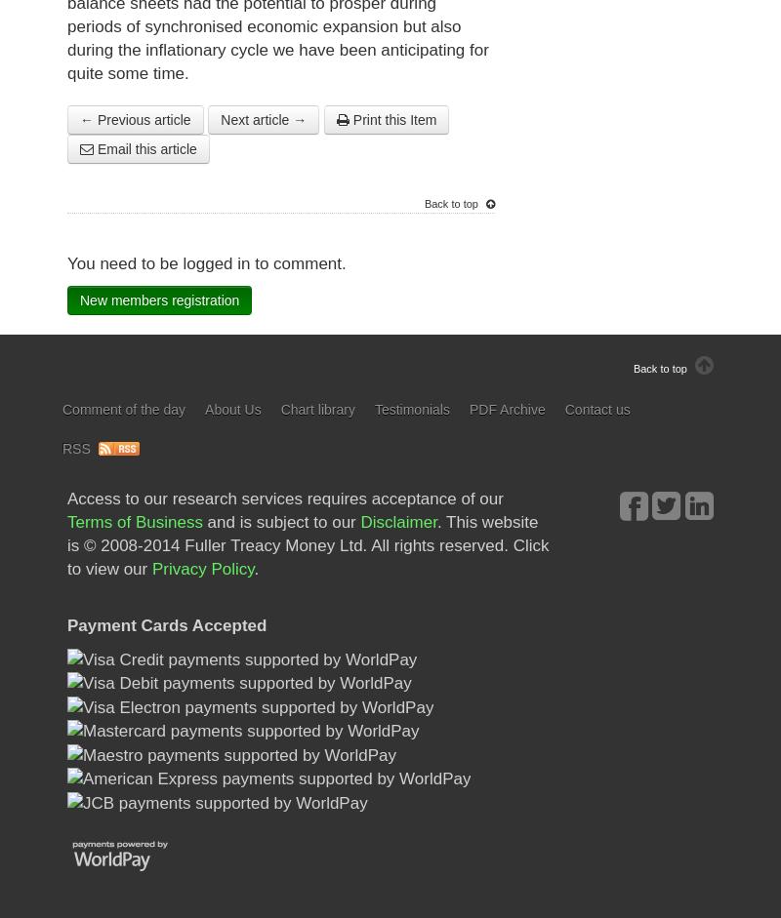 The width and height of the screenshot is (781, 918). What do you see at coordinates (165, 625) in the screenshot?
I see `'Payment Cards Accepted'` at bounding box center [165, 625].